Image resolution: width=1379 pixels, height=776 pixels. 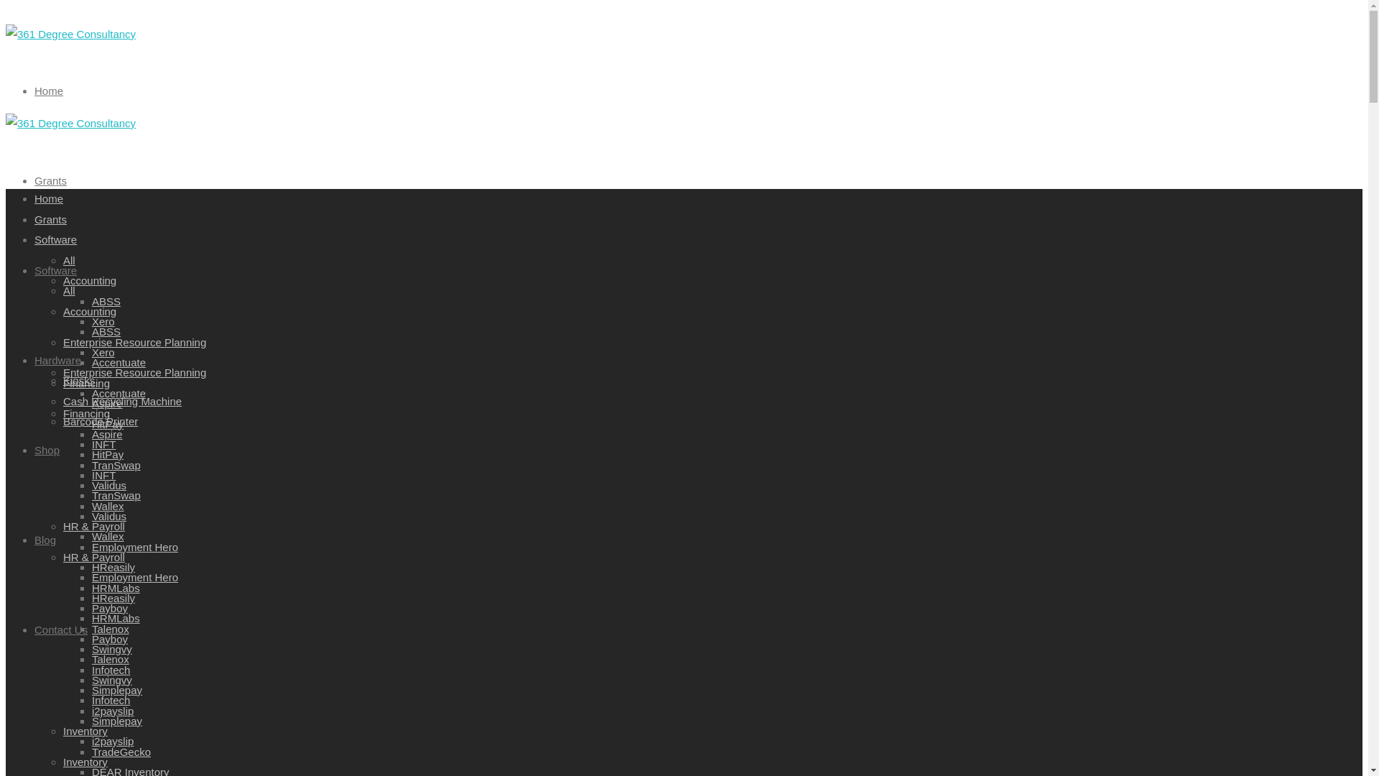 What do you see at coordinates (103, 474) in the screenshot?
I see `'INFT'` at bounding box center [103, 474].